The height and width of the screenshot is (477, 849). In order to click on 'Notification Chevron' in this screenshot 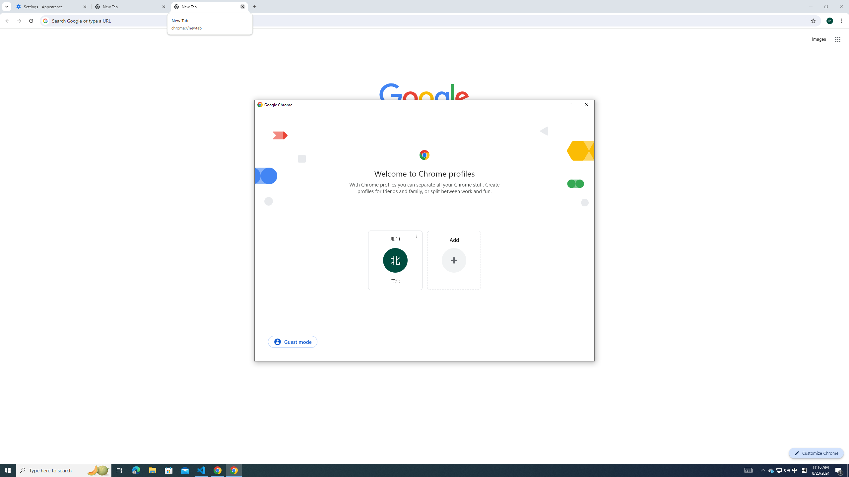, I will do `click(763, 470)`.